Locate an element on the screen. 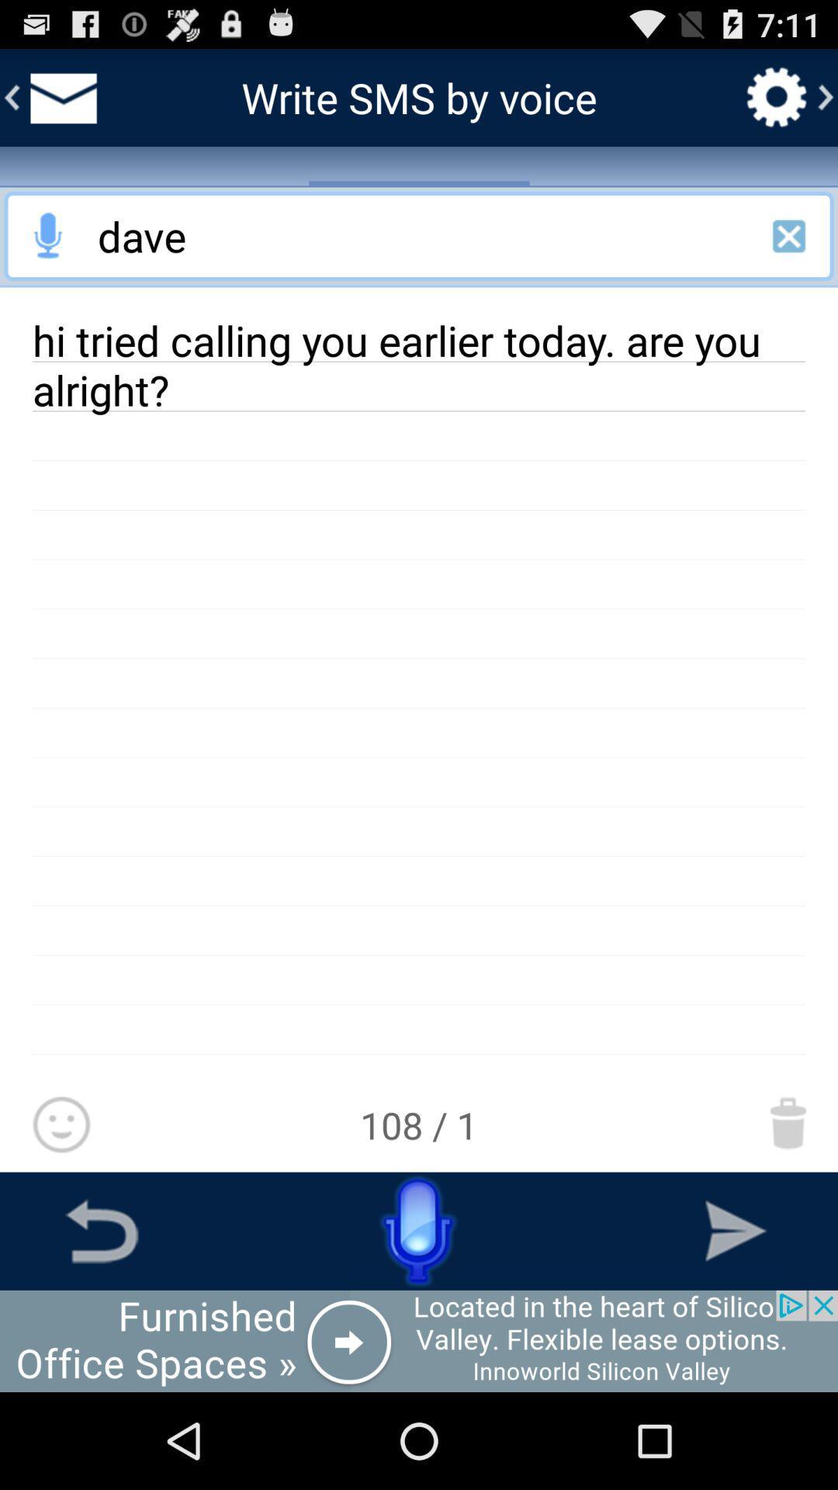 This screenshot has width=838, height=1490. previous is located at coordinates (102, 1230).